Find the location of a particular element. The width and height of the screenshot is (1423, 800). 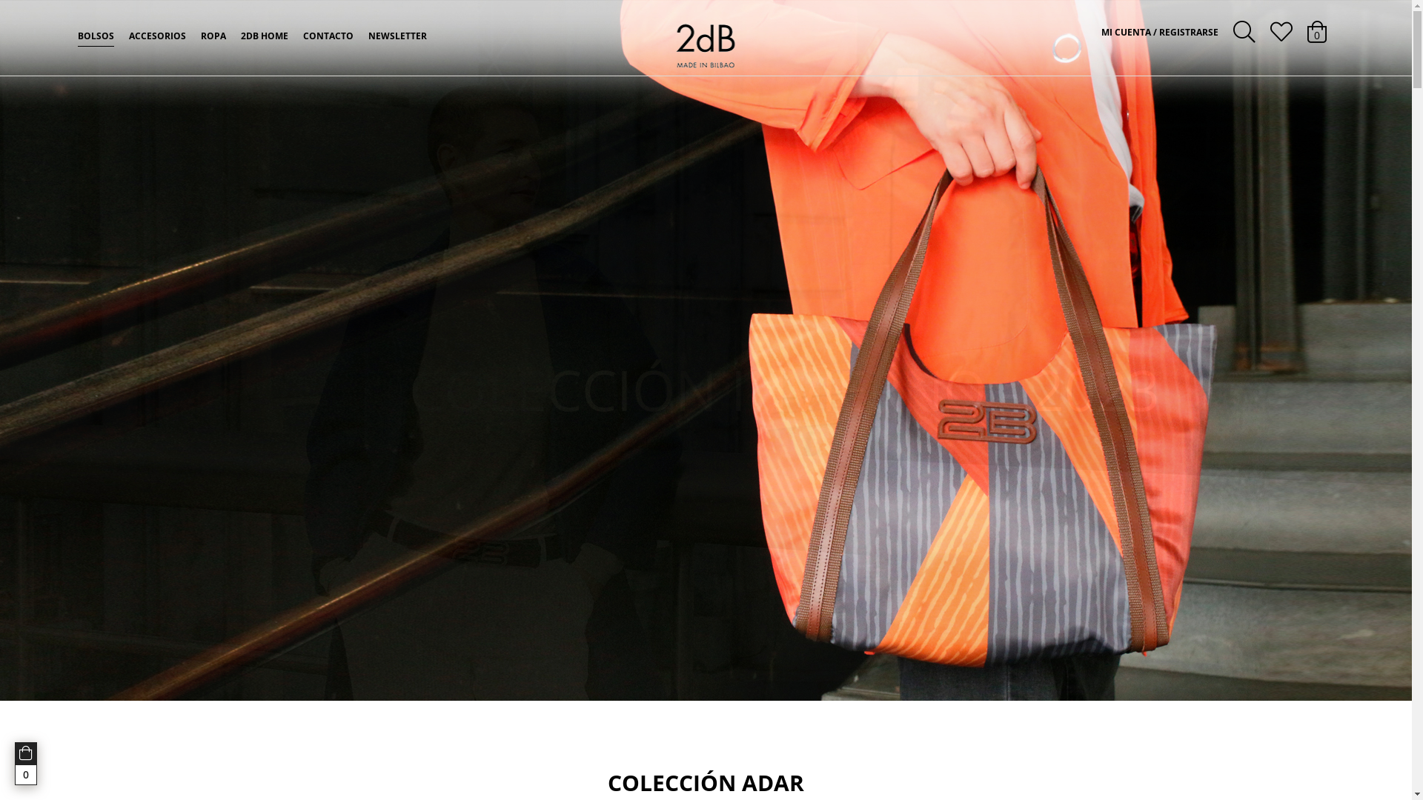

'ROPA' is located at coordinates (213, 36).